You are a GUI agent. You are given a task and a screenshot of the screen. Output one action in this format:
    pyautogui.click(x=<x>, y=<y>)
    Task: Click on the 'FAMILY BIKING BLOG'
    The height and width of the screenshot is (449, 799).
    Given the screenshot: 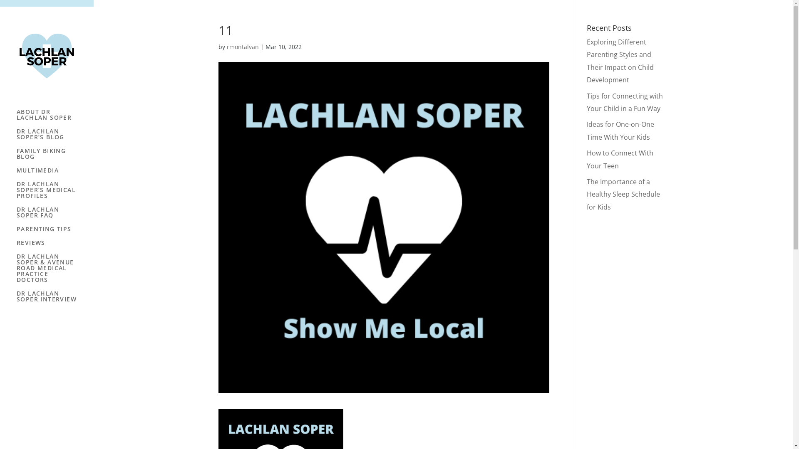 What is the action you would take?
    pyautogui.click(x=55, y=158)
    